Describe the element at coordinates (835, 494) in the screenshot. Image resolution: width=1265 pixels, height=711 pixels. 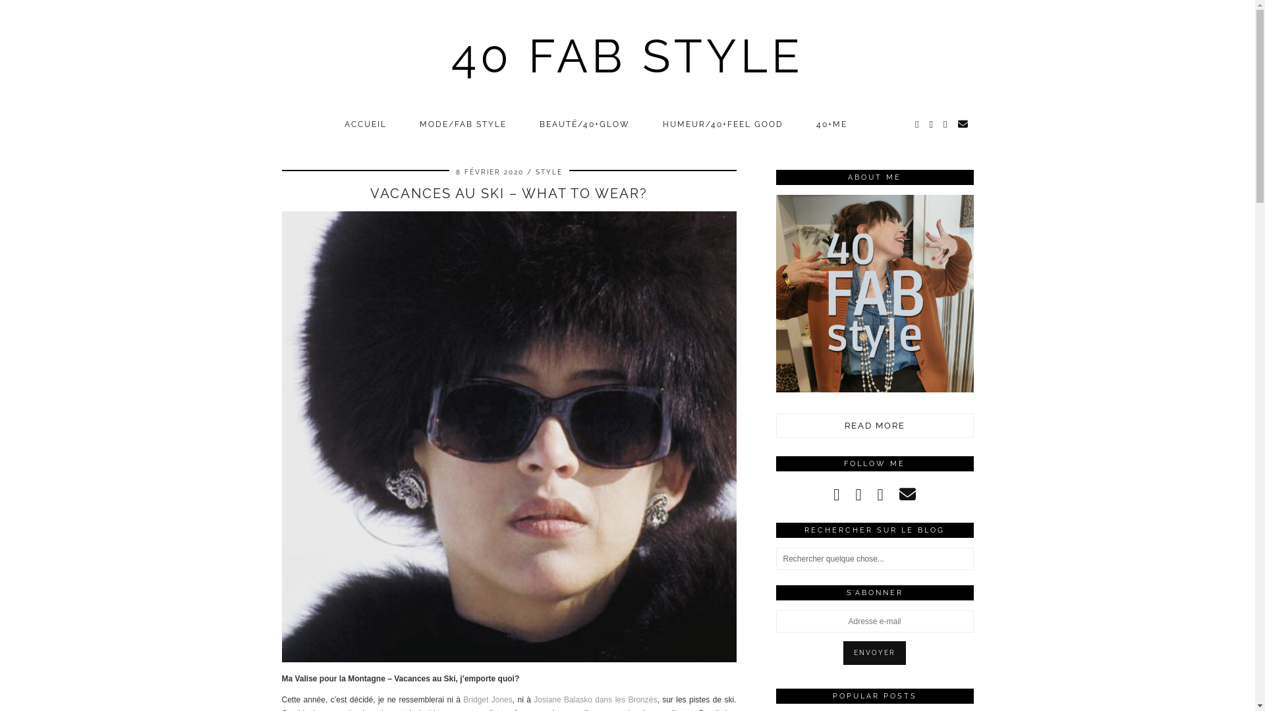
I see `'instagram'` at that location.